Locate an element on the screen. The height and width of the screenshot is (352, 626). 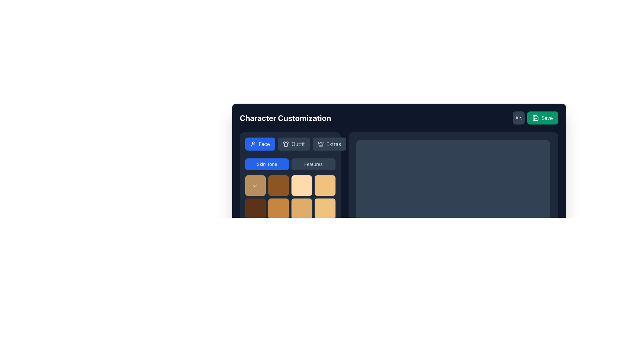
the 'Outfit' selection icon located inside the button labeled 'Outfit', which is positioned in the top row of selection buttons between 'Face' and 'Extras' is located at coordinates (286, 144).